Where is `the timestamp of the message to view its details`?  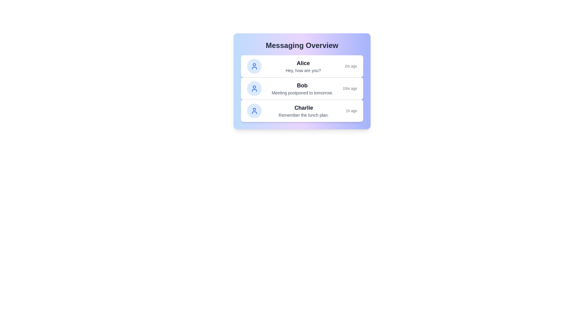 the timestamp of the message to view its details is located at coordinates (351, 66).